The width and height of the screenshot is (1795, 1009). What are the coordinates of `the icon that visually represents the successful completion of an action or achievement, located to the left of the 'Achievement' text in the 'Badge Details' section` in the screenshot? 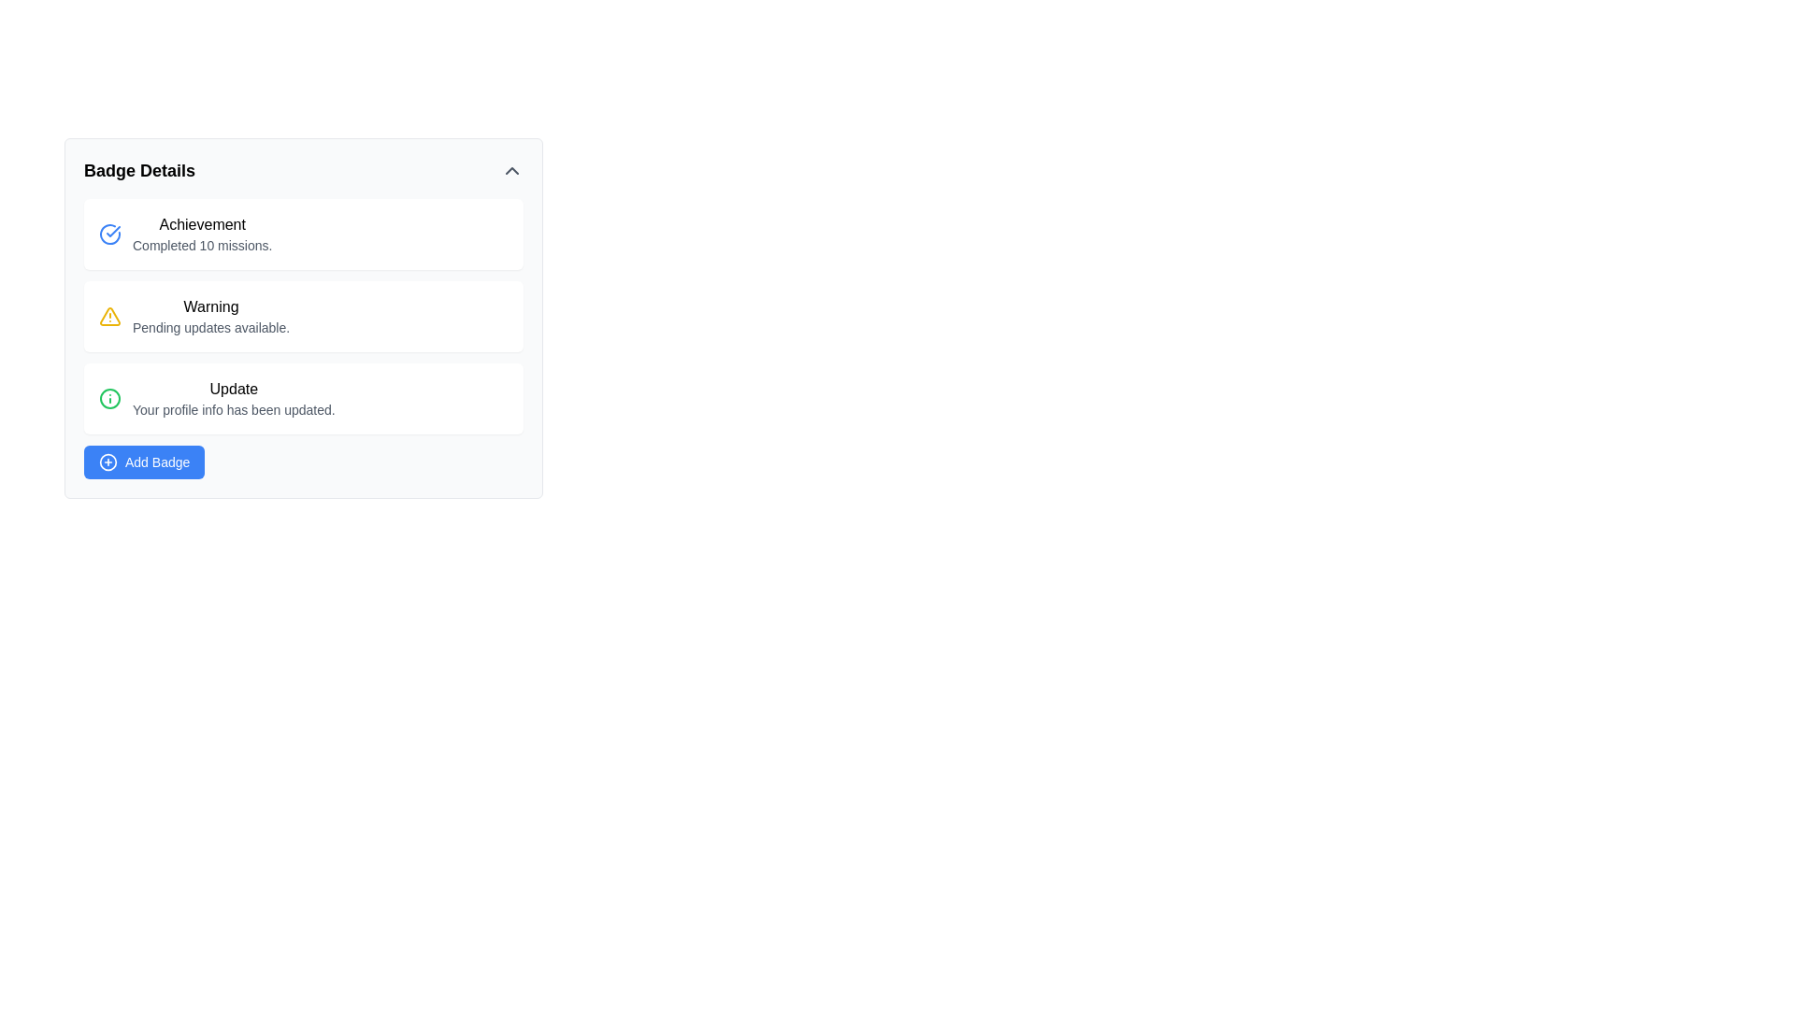 It's located at (109, 233).